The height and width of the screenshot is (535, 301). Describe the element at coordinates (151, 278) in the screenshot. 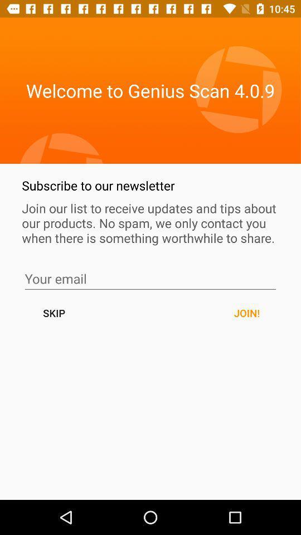

I see `skip` at that location.